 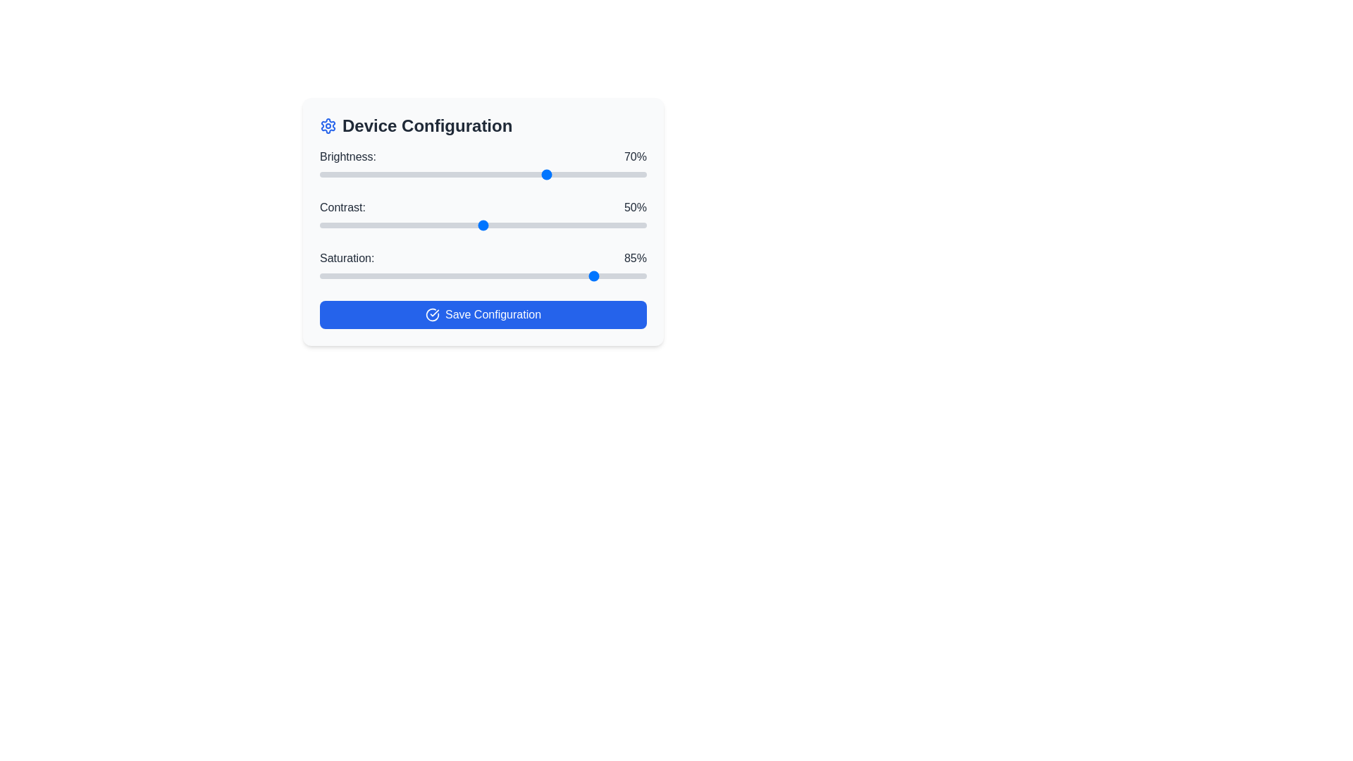 I want to click on the saturation level, so click(x=502, y=276).